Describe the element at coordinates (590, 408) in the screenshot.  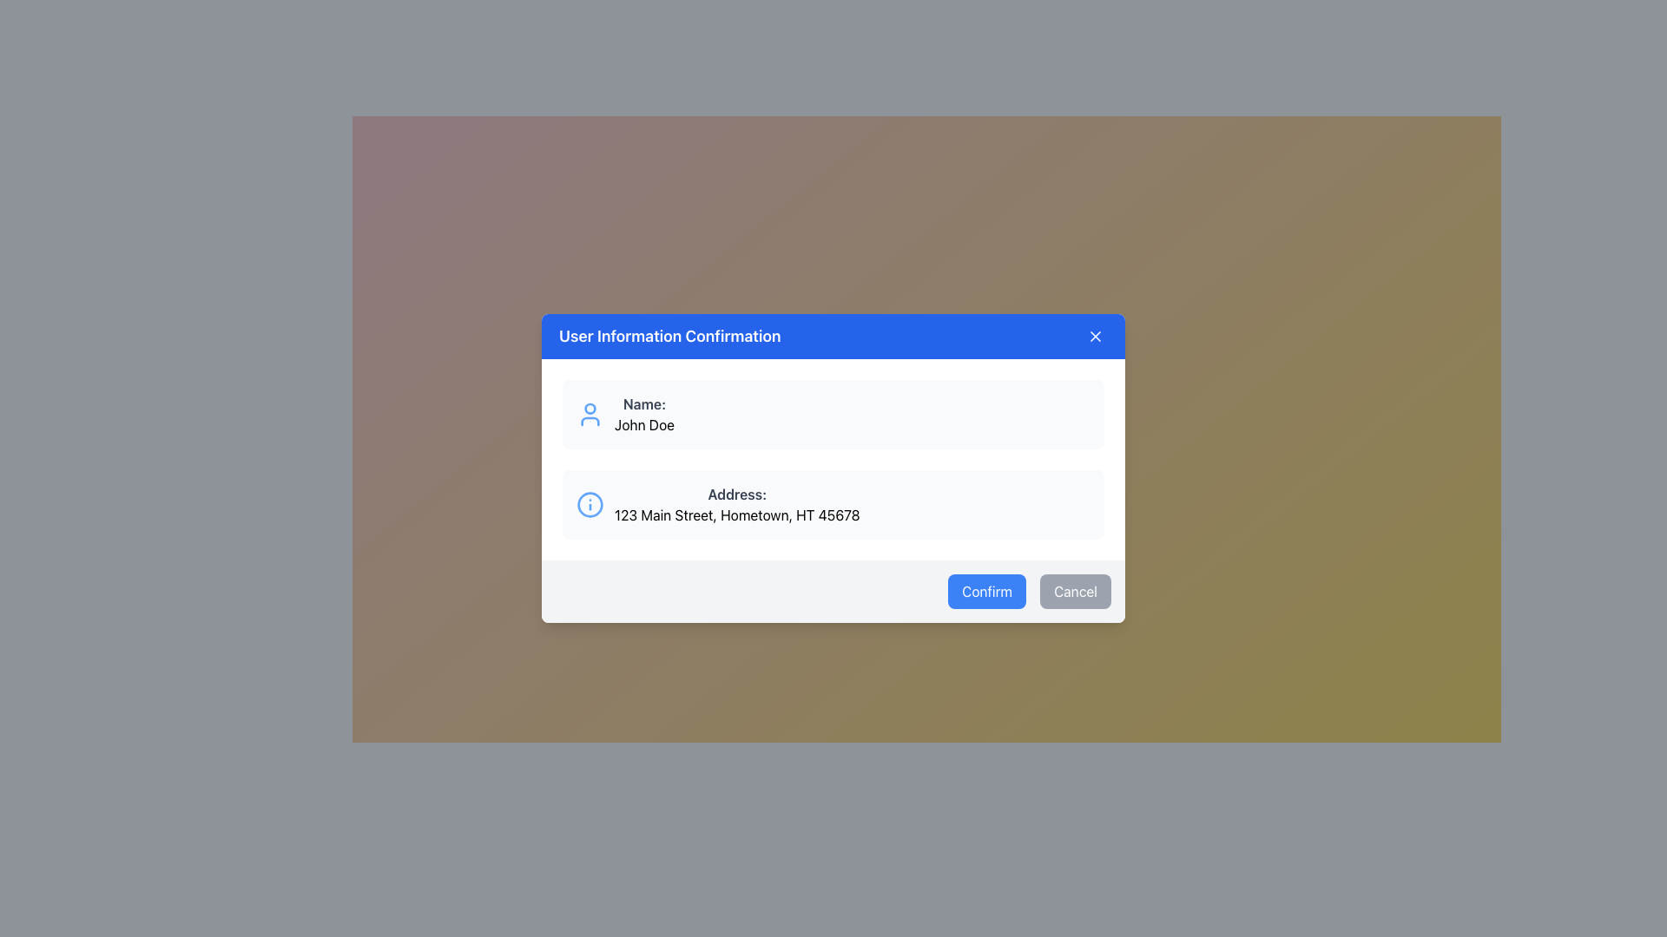
I see `the blue circular decorative graphic representing the user's profile picture, located to the left of 'John Doe' in the 'User Information Confirmation' card` at that location.